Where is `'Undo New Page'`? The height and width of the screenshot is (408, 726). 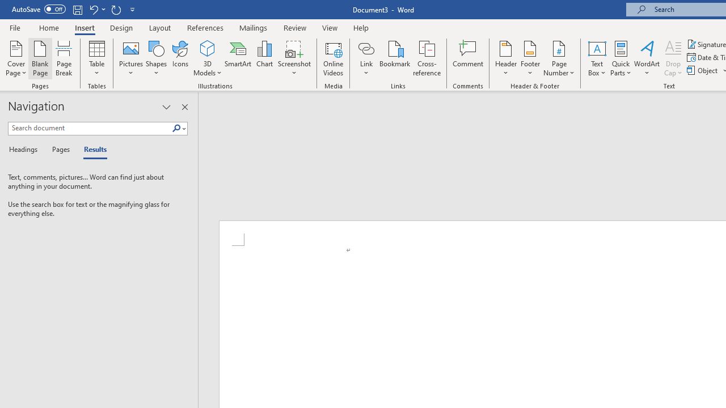 'Undo New Page' is located at coordinates (96, 9).